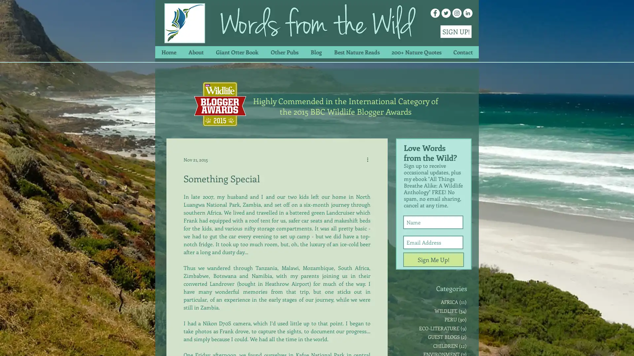 The height and width of the screenshot is (356, 634). I want to click on Cookie Settings, so click(562, 344).